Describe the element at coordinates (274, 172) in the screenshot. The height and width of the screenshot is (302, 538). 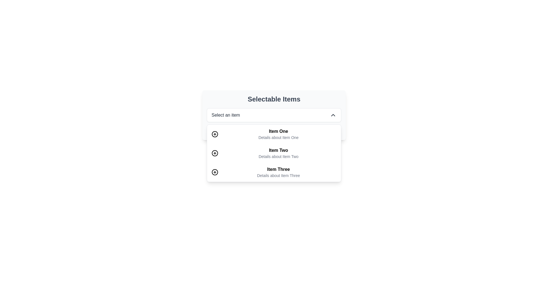
I see `the third item in the dropdown menu labeled 'Item Three'` at that location.